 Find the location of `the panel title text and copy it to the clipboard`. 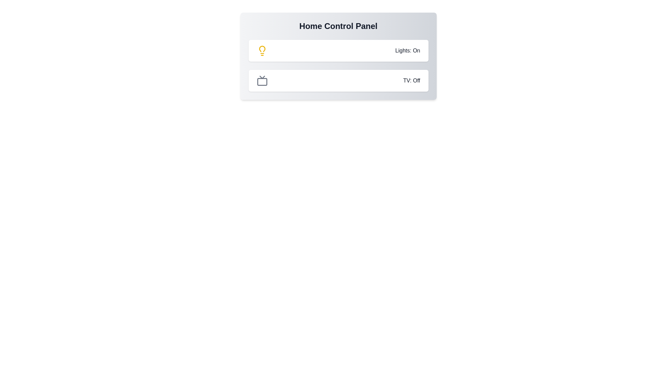

the panel title text and copy it to the clipboard is located at coordinates (248, 20).